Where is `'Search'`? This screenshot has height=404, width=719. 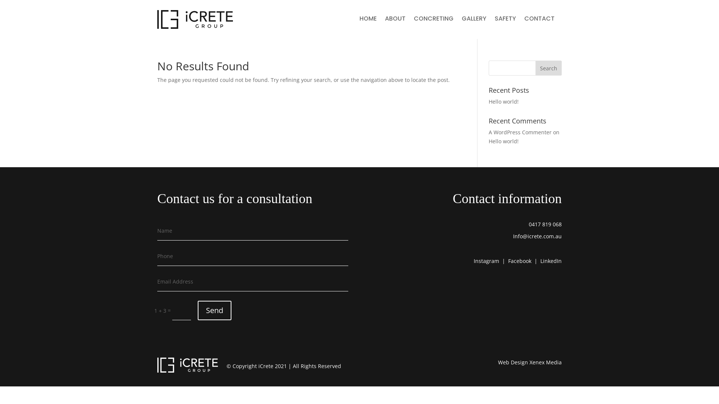
'Search' is located at coordinates (535, 68).